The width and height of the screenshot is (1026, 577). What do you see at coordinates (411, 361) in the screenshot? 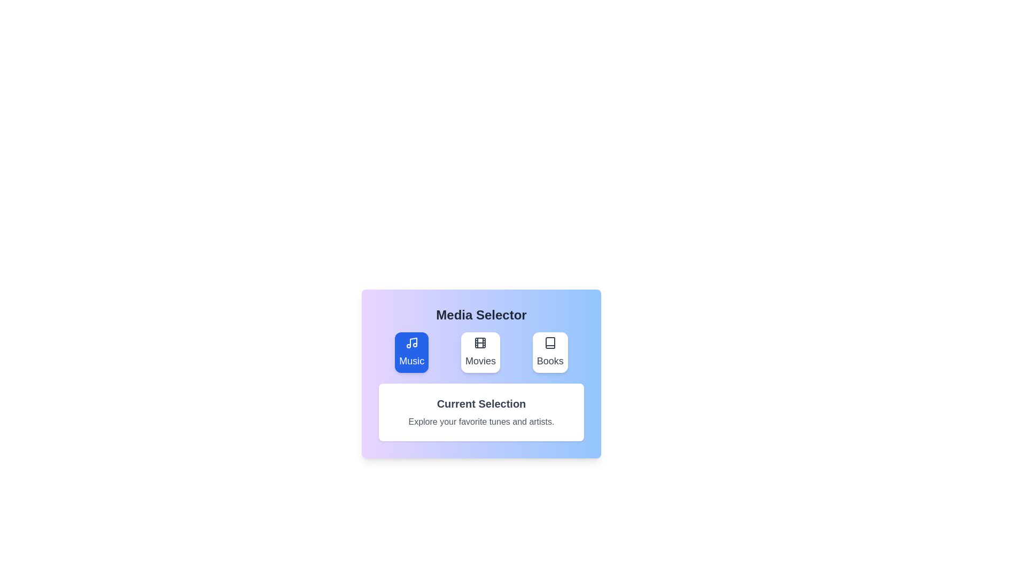
I see `the text label that serves as a label for the music selection option, positioned to the left of 'Movies' and 'Books' buttons` at bounding box center [411, 361].